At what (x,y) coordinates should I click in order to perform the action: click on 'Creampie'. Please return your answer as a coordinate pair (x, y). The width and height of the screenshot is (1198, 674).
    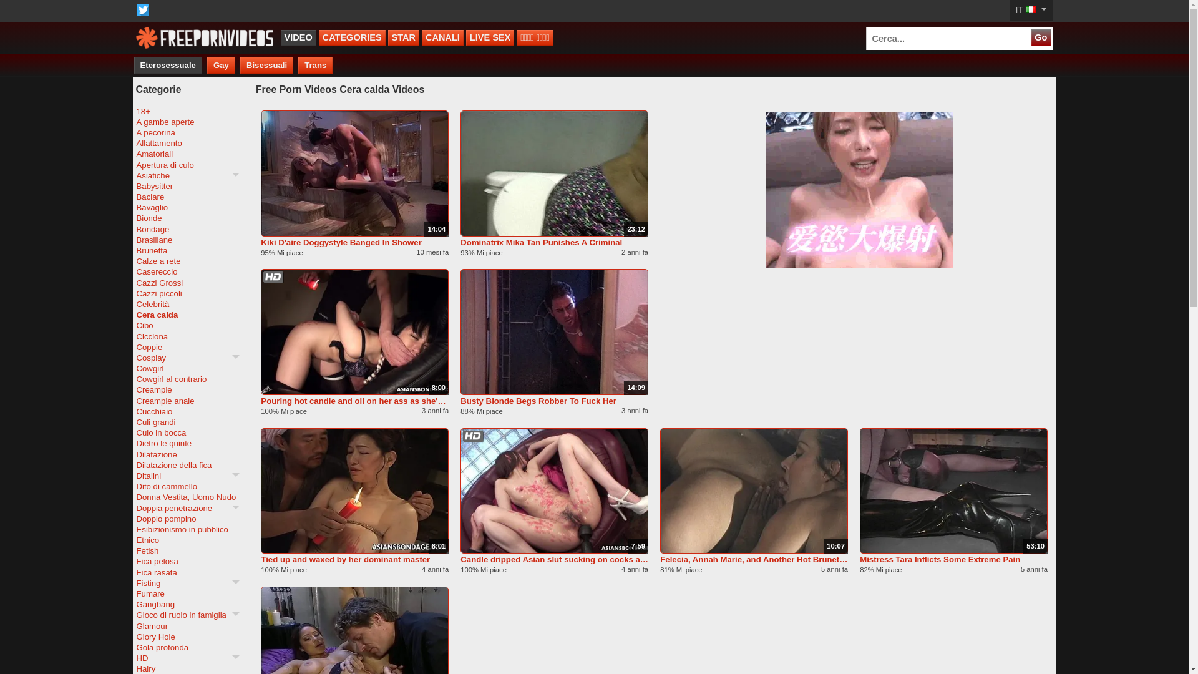
    Looking at the image, I should click on (187, 389).